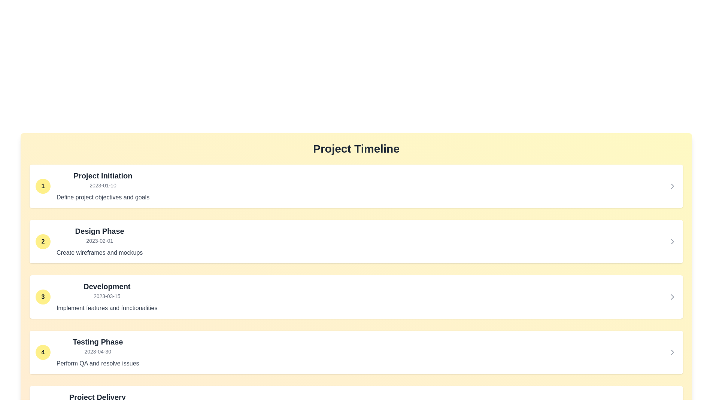  What do you see at coordinates (43, 186) in the screenshot?
I see `the circular button with a yellow background and bold black text '1', which is the first item in a list, positioned to the left of the 'Project Initiation' section` at bounding box center [43, 186].